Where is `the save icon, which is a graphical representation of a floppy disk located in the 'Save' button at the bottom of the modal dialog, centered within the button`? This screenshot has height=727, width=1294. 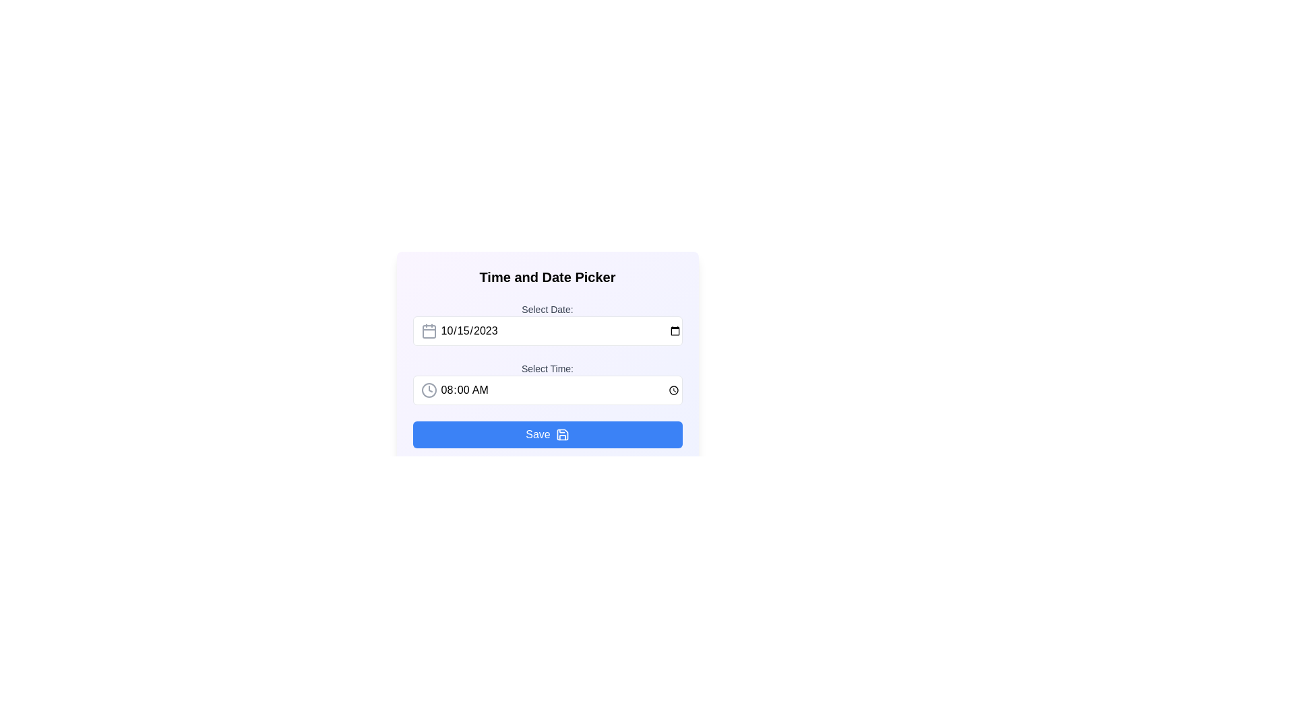 the save icon, which is a graphical representation of a floppy disk located in the 'Save' button at the bottom of the modal dialog, centered within the button is located at coordinates (562, 434).